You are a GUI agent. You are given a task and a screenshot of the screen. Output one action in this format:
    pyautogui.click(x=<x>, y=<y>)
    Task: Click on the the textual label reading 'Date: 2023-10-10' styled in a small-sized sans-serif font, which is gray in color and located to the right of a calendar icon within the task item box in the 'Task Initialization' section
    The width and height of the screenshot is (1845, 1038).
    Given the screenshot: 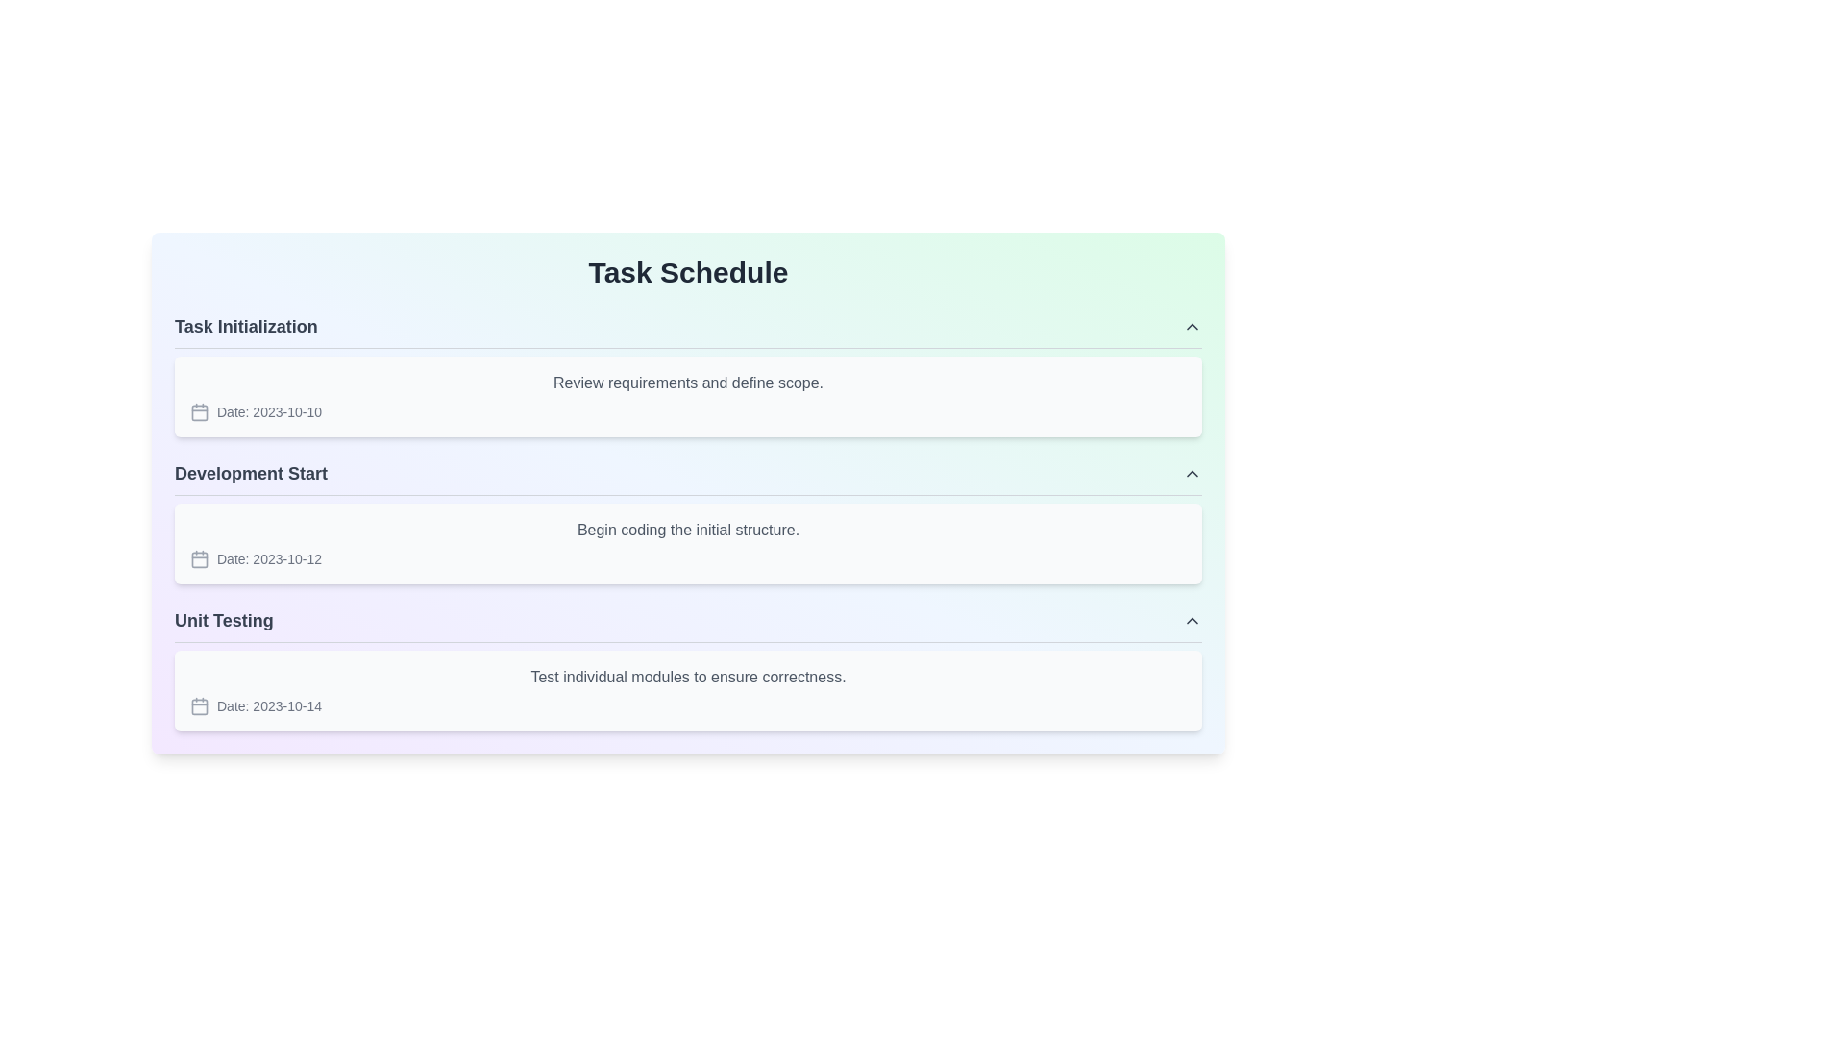 What is the action you would take?
    pyautogui.click(x=268, y=410)
    